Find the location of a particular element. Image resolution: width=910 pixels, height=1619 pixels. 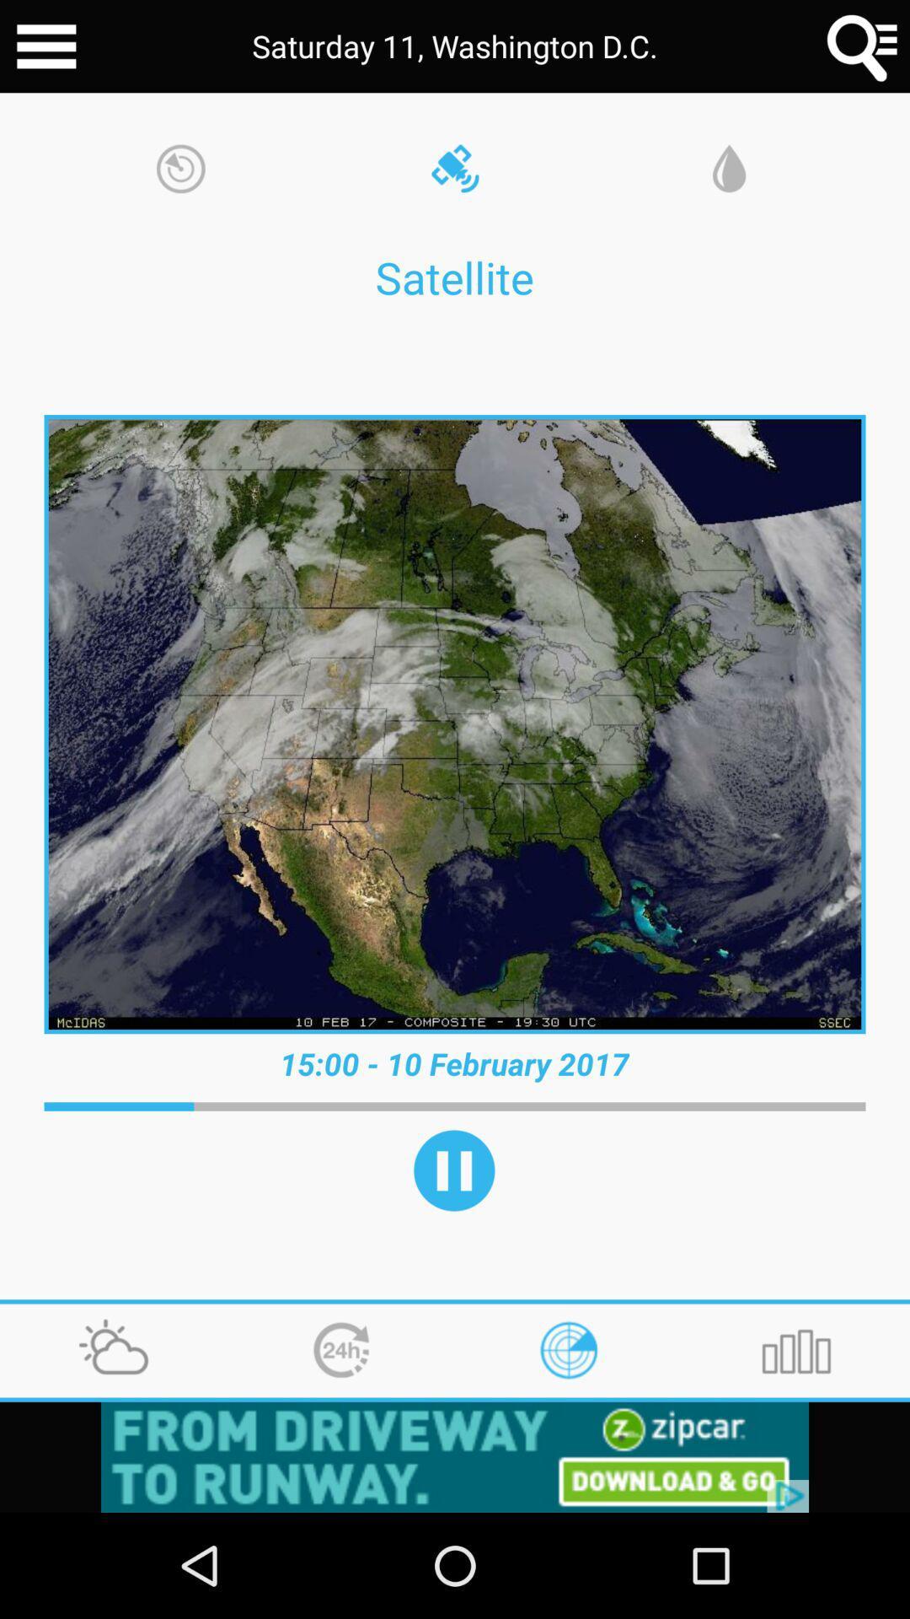

search option is located at coordinates (863, 46).